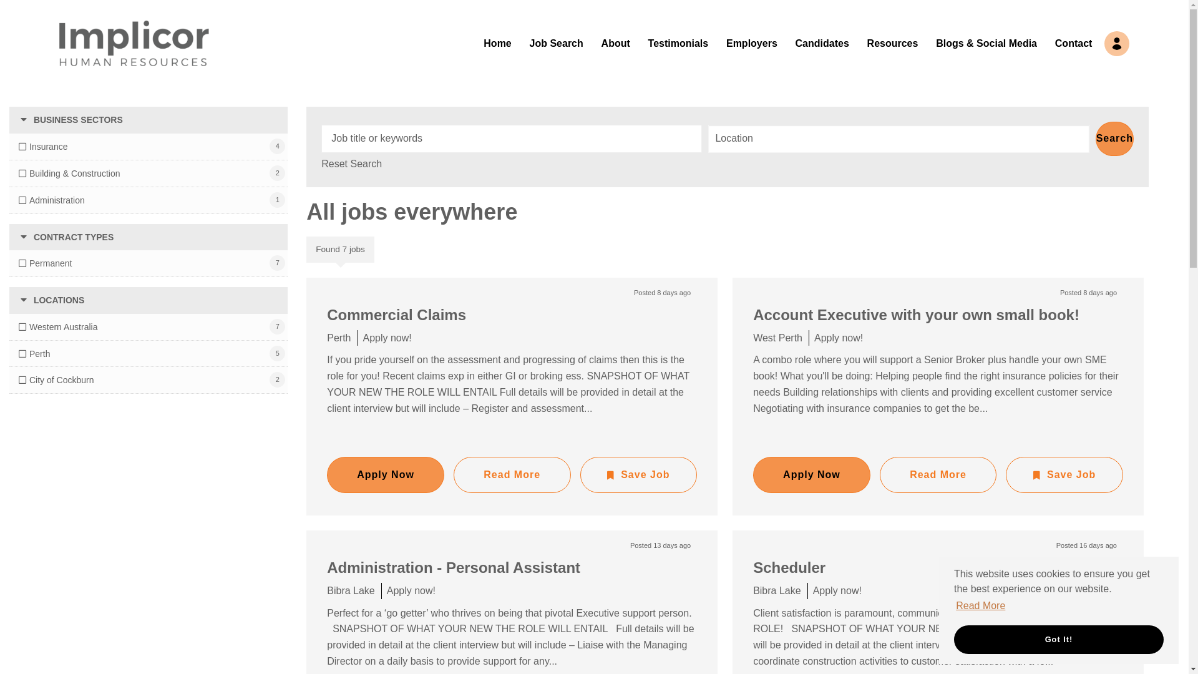 The image size is (1198, 674). Describe the element at coordinates (45, 262) in the screenshot. I see `'Permanent` at that location.